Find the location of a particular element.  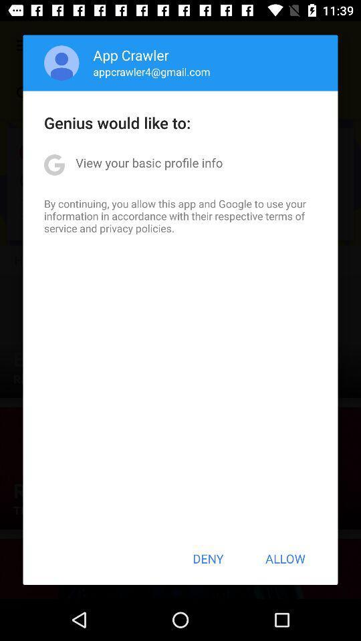

the item next to the allow button is located at coordinates (208, 558).